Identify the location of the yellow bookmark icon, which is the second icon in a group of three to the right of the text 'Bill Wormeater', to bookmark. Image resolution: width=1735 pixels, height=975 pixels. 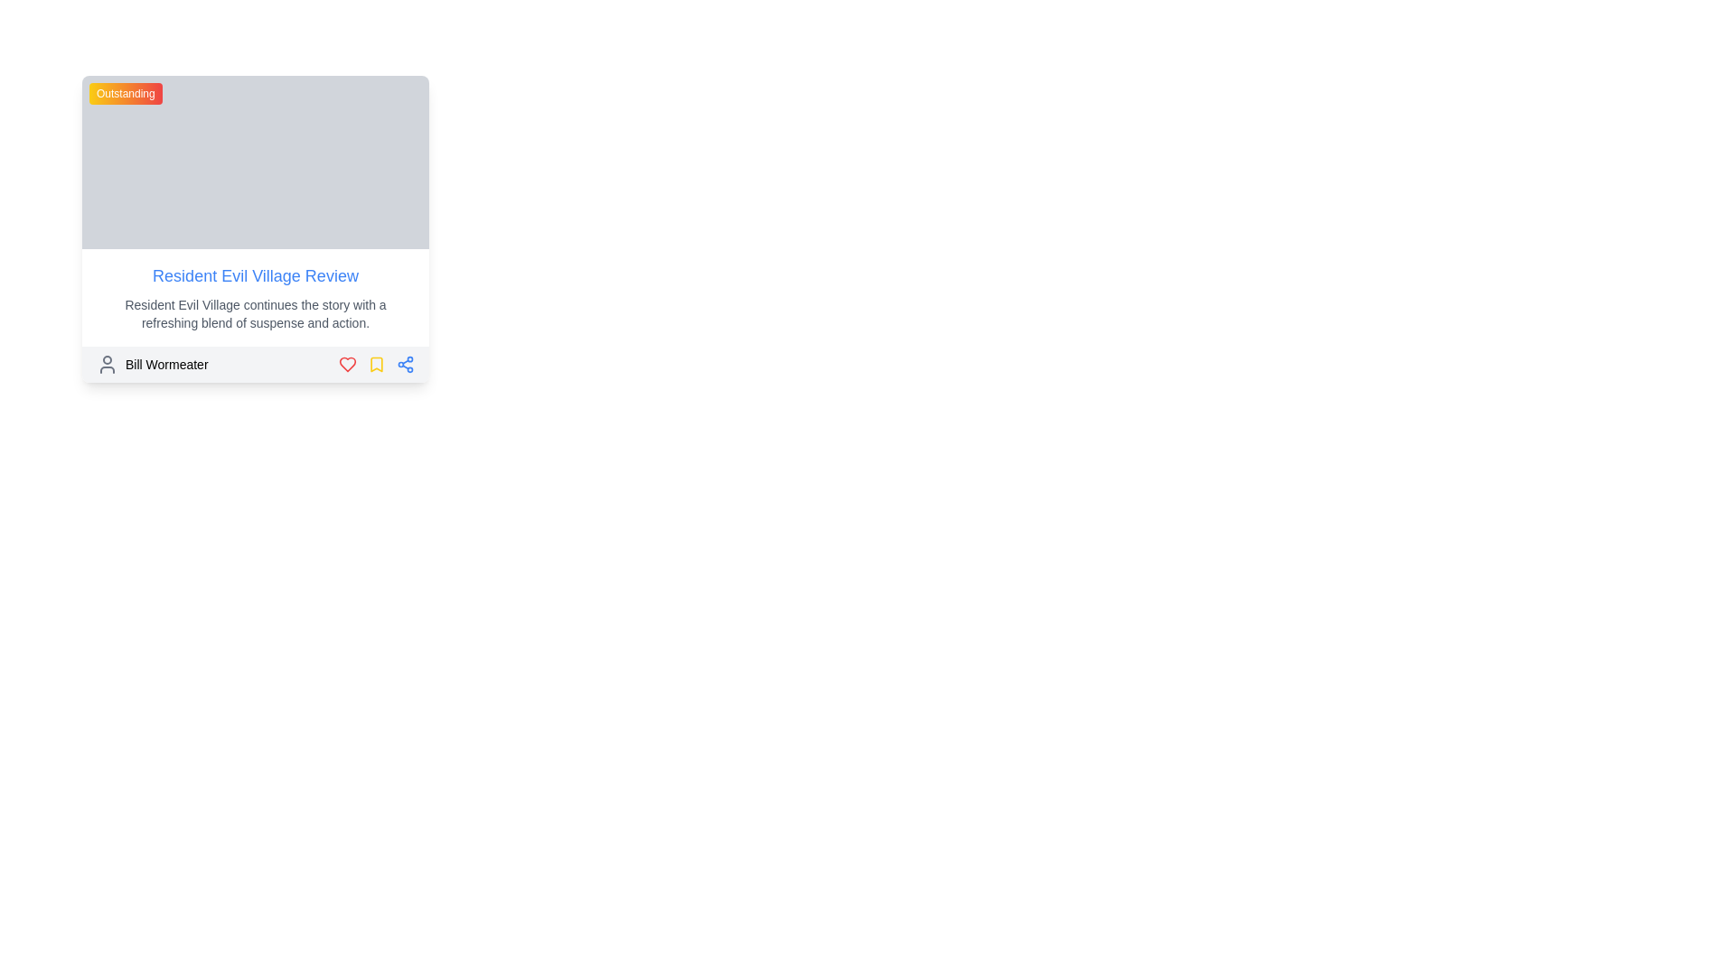
(376, 365).